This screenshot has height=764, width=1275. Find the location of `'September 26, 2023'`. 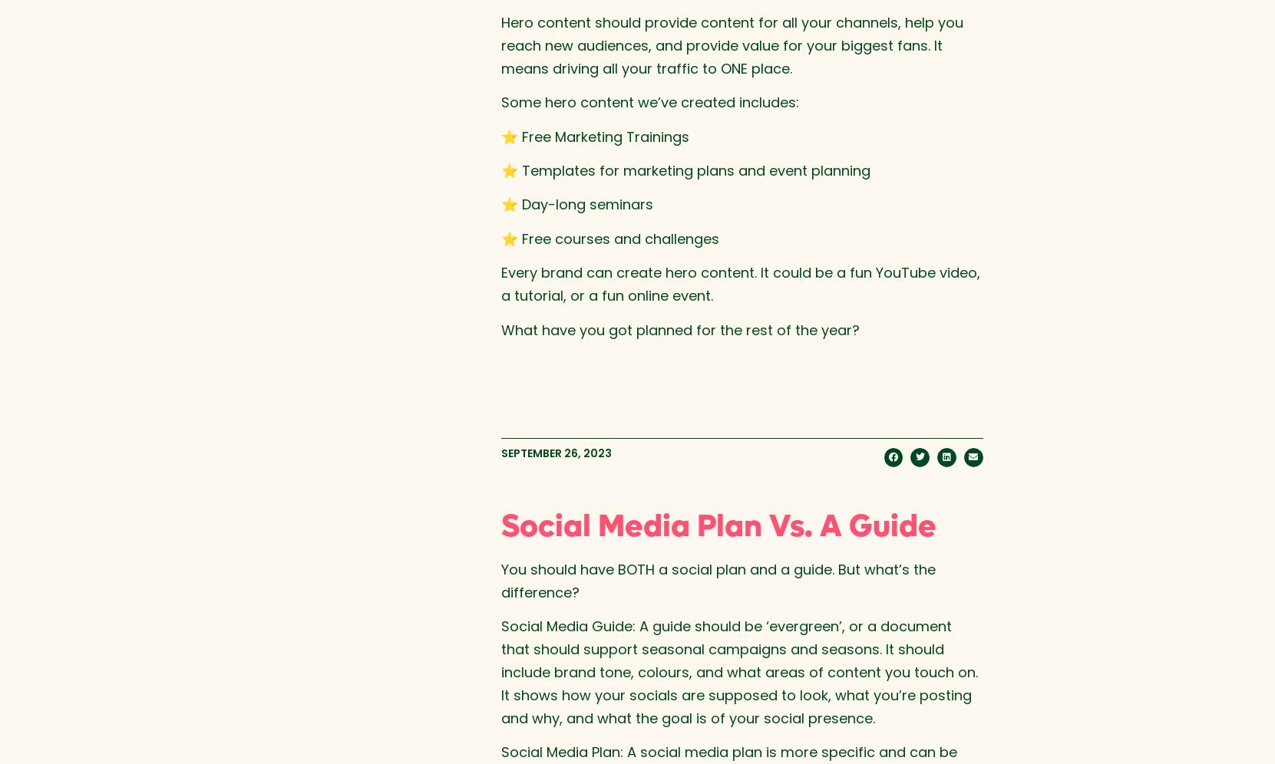

'September 26, 2023' is located at coordinates (556, 453).